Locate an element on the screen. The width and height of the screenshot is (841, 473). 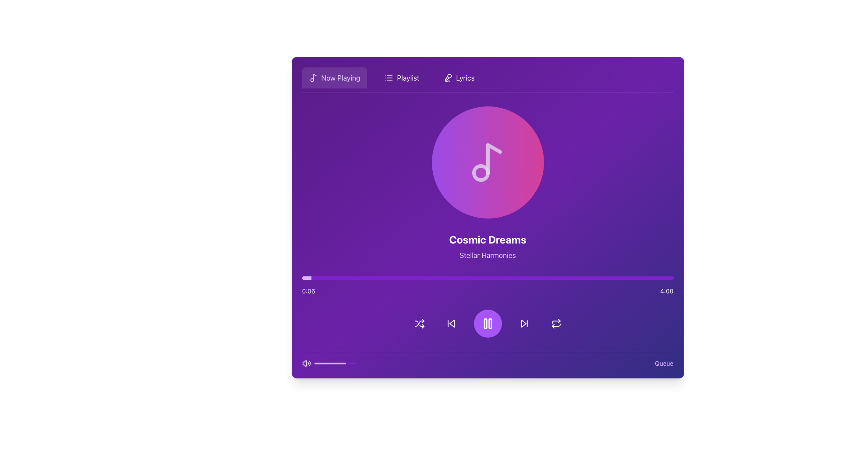
the volume control icon located at the leftmost side of the interactive components row at the bottom of the interface to interact with it is located at coordinates (306, 363).